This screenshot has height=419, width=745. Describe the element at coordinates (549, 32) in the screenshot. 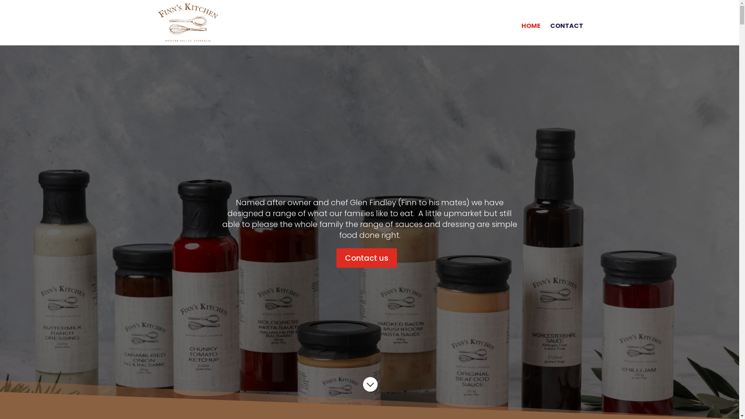

I see `'CONTACT'` at that location.